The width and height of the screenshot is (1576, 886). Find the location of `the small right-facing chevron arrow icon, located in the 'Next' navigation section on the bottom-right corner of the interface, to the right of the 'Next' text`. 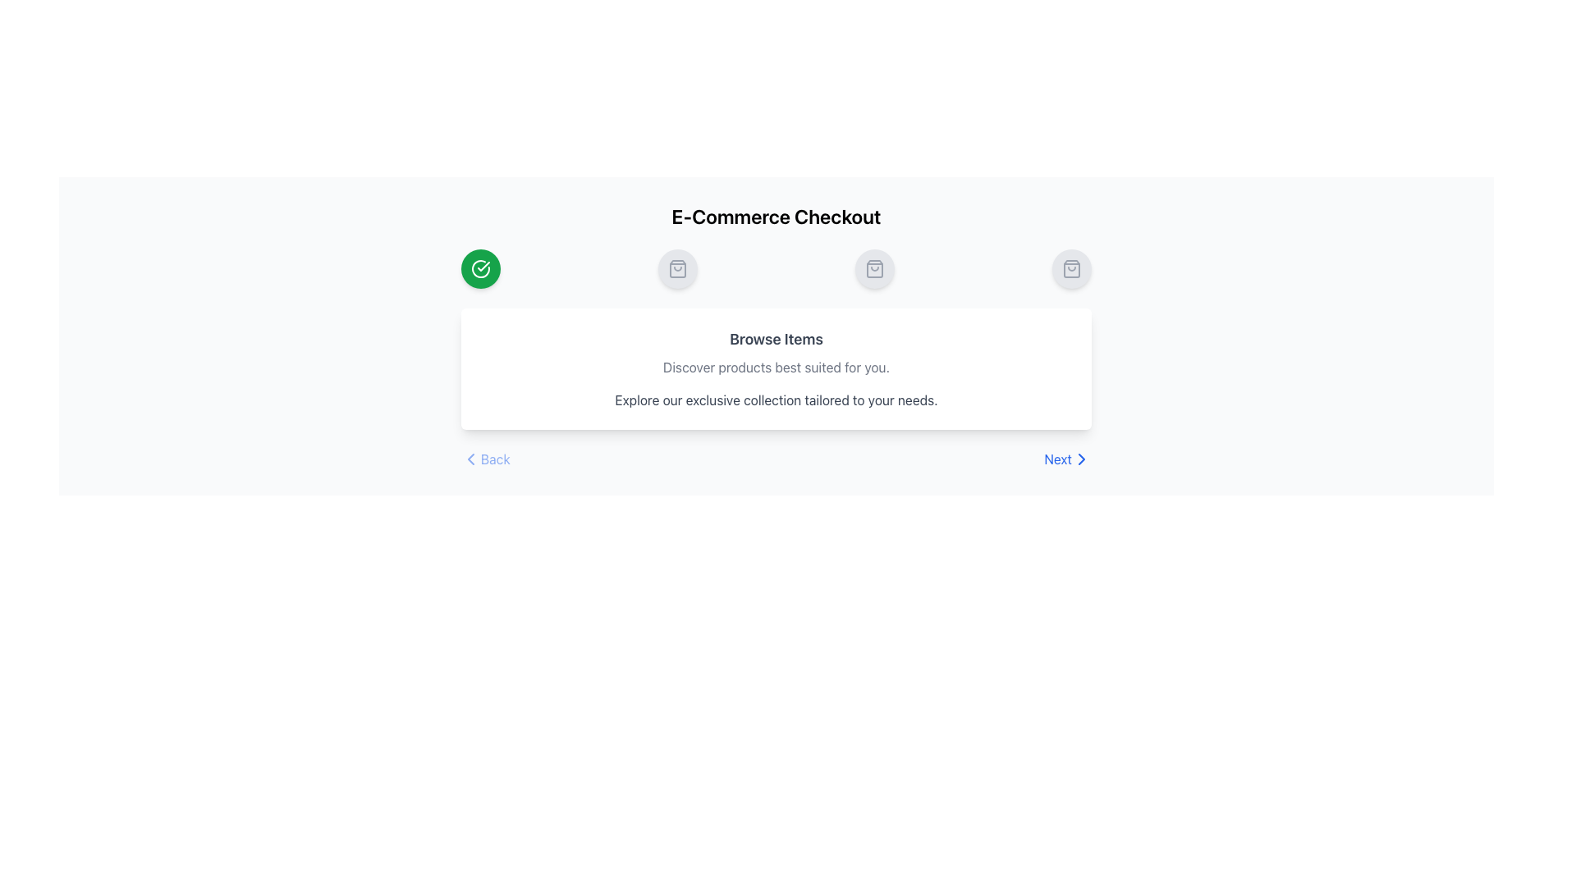

the small right-facing chevron arrow icon, located in the 'Next' navigation section on the bottom-right corner of the interface, to the right of the 'Next' text is located at coordinates (1082, 459).